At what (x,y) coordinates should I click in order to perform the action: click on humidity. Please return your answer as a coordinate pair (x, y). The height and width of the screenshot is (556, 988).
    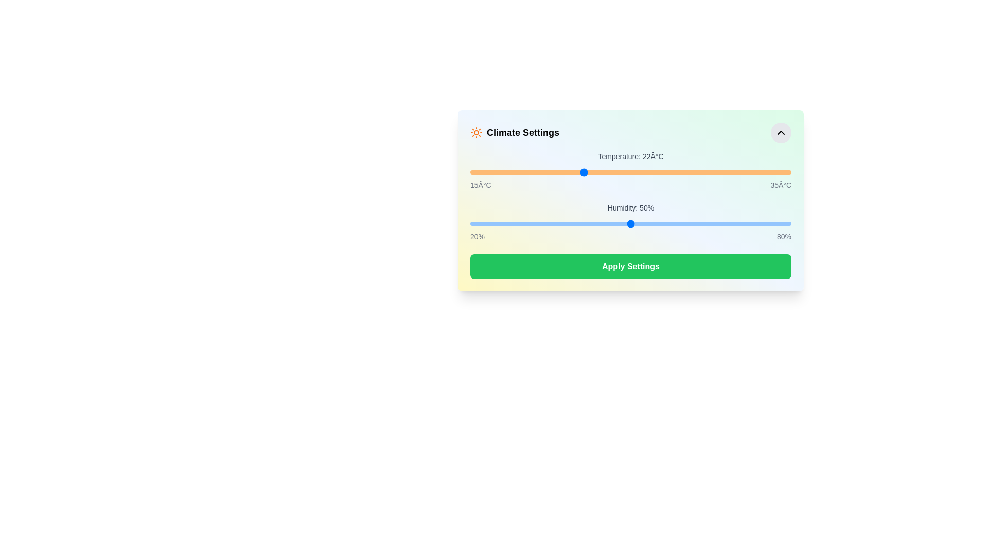
    Looking at the image, I should click on (534, 223).